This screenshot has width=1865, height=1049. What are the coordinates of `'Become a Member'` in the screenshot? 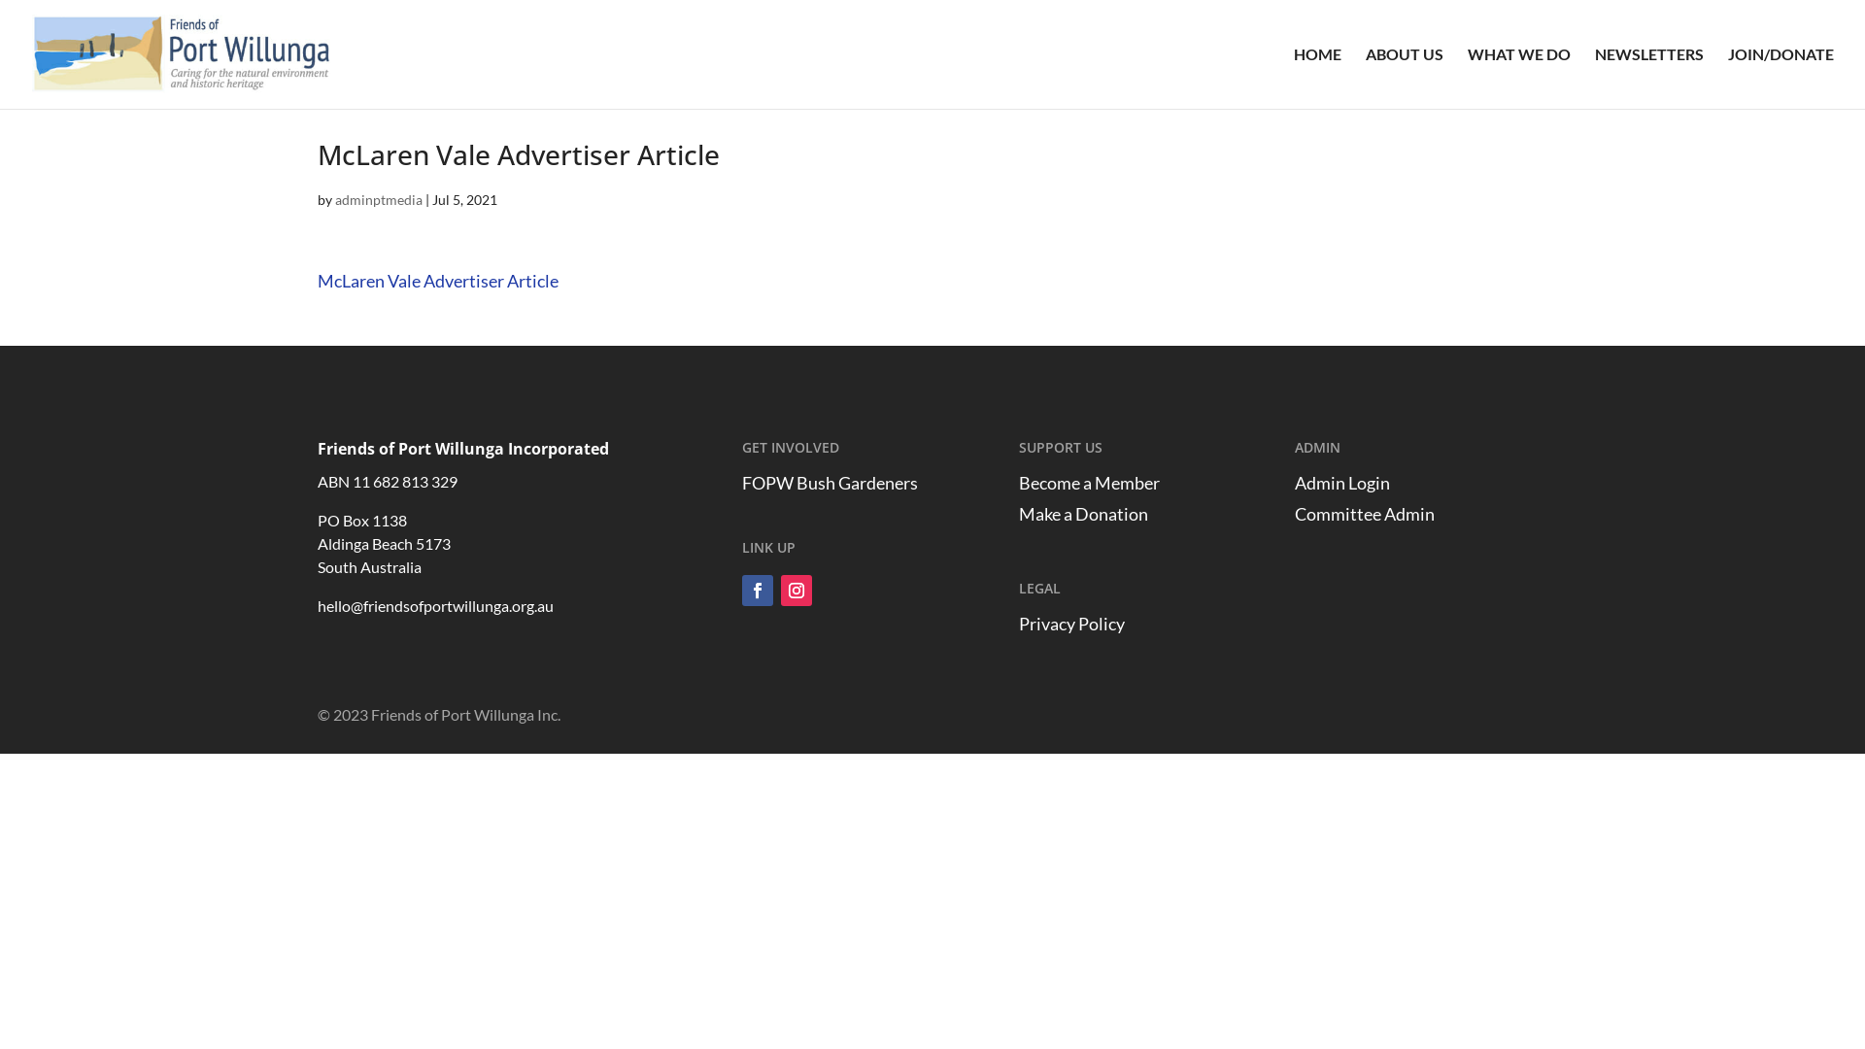 It's located at (1089, 482).